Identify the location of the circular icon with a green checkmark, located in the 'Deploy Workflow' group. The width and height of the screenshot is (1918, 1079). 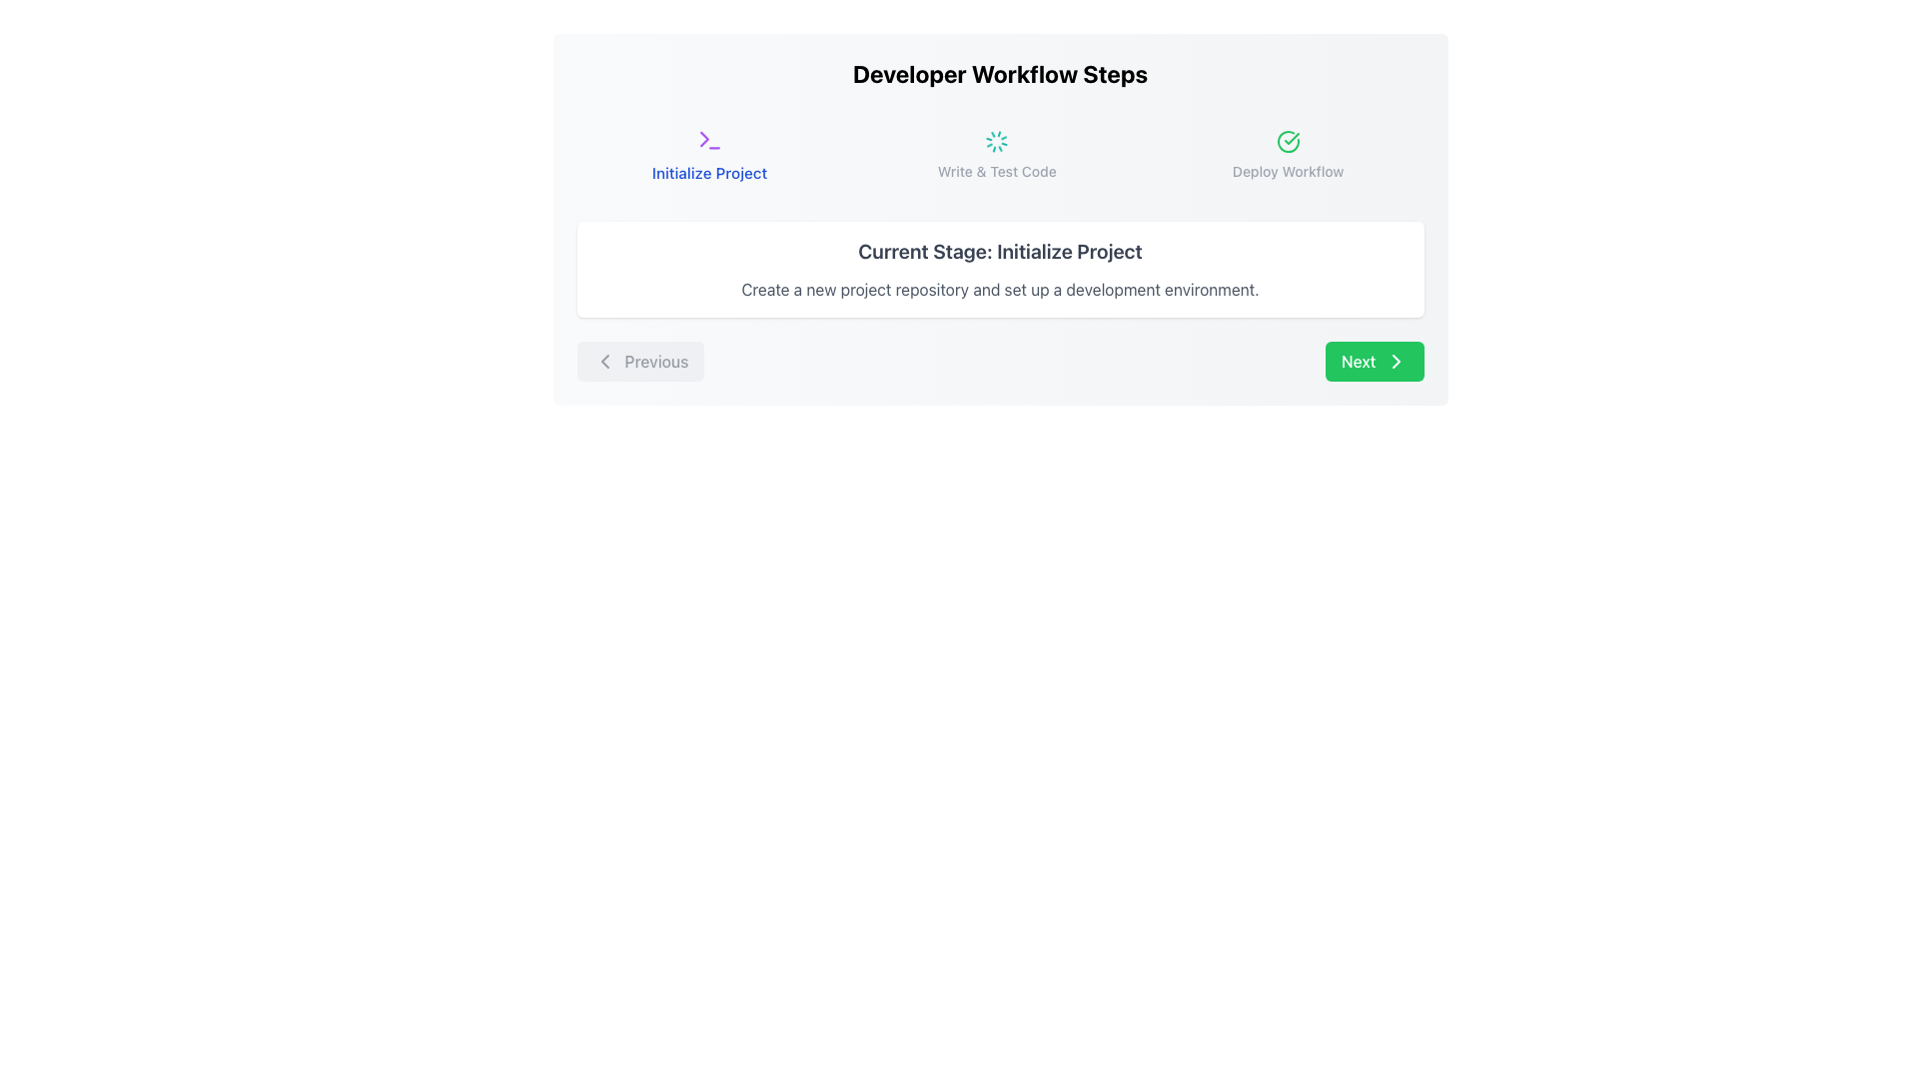
(1288, 141).